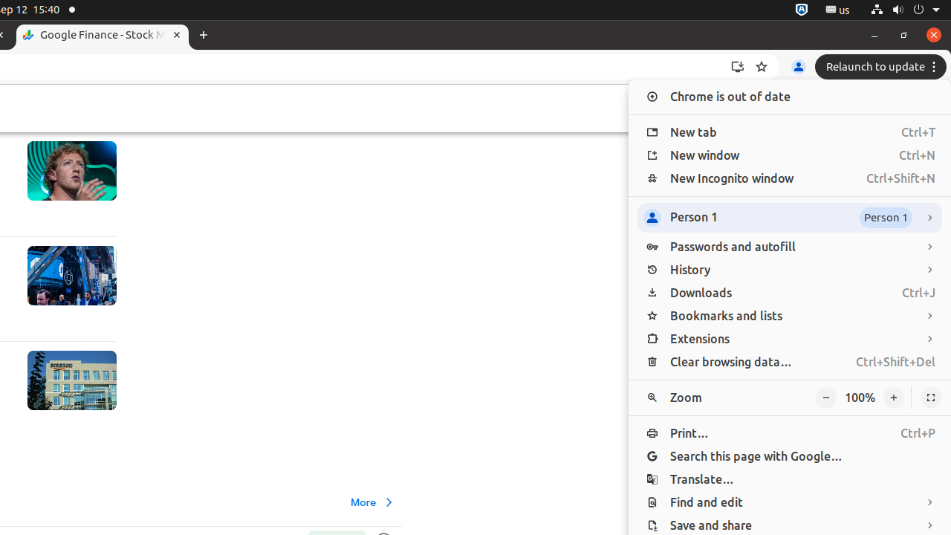 This screenshot has height=535, width=951. I want to click on 'System', so click(904, 10).